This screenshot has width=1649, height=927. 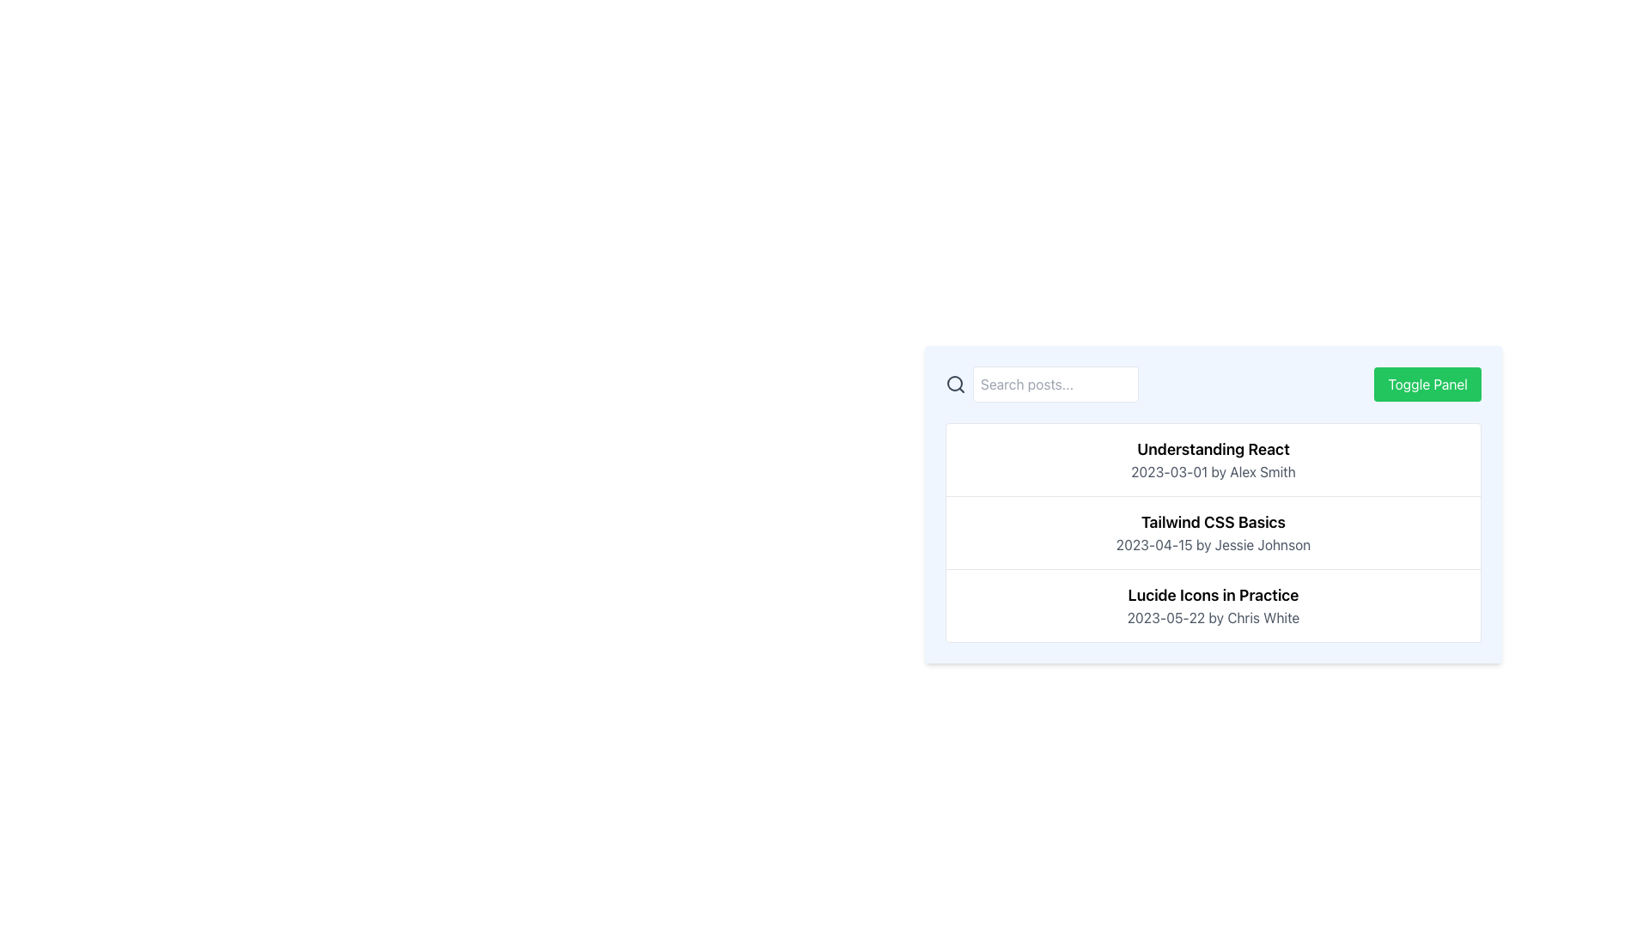 I want to click on text from the Text Label that provides the publication date and author of the content item, which is located beneath the title 'Lucide Icons in Practice', so click(x=1212, y=618).